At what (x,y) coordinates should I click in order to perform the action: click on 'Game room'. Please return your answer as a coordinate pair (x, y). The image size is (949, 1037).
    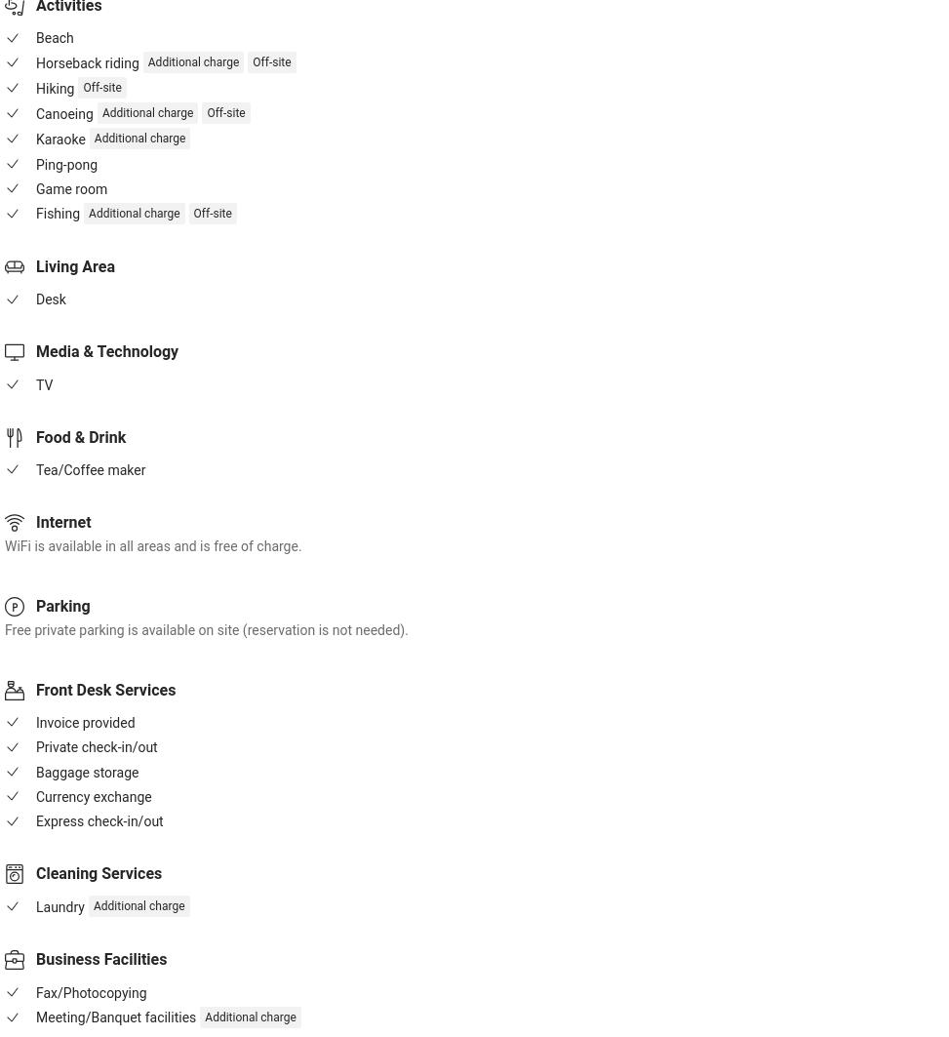
    Looking at the image, I should click on (70, 188).